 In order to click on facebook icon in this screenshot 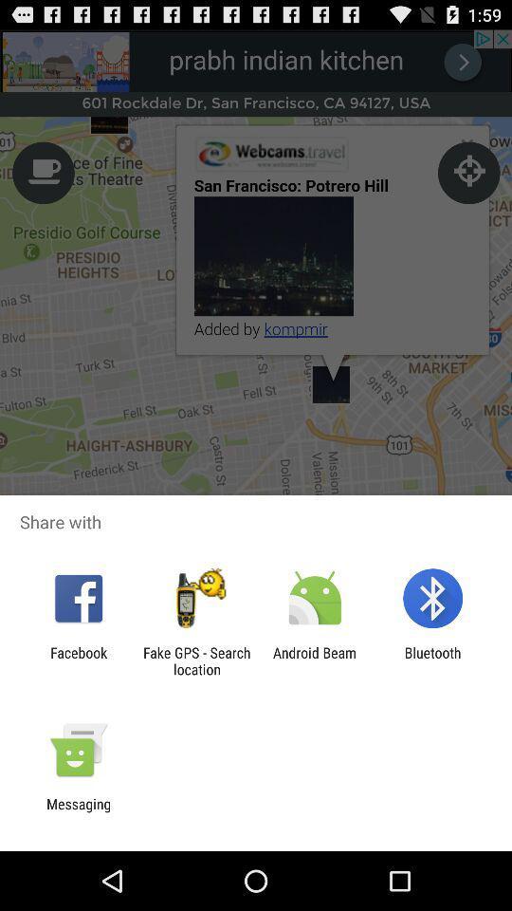, I will do `click(78, 660)`.